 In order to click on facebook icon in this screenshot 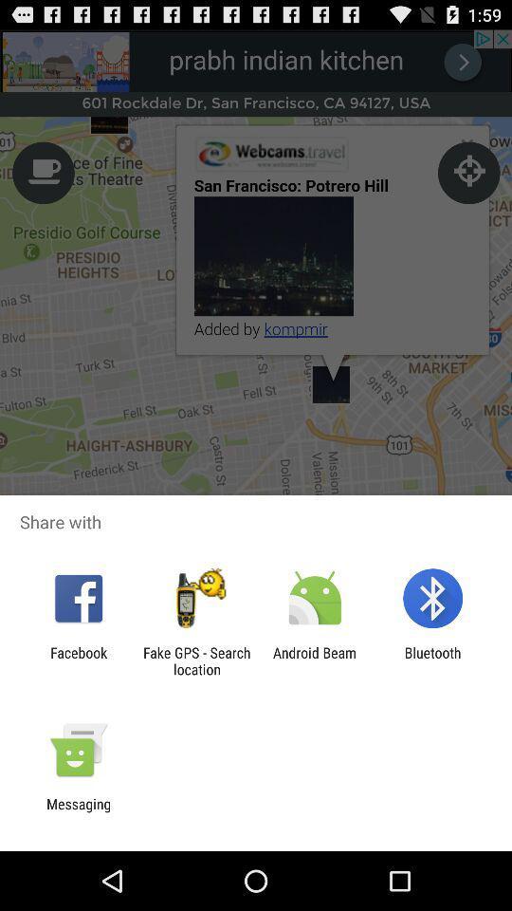, I will do `click(78, 660)`.